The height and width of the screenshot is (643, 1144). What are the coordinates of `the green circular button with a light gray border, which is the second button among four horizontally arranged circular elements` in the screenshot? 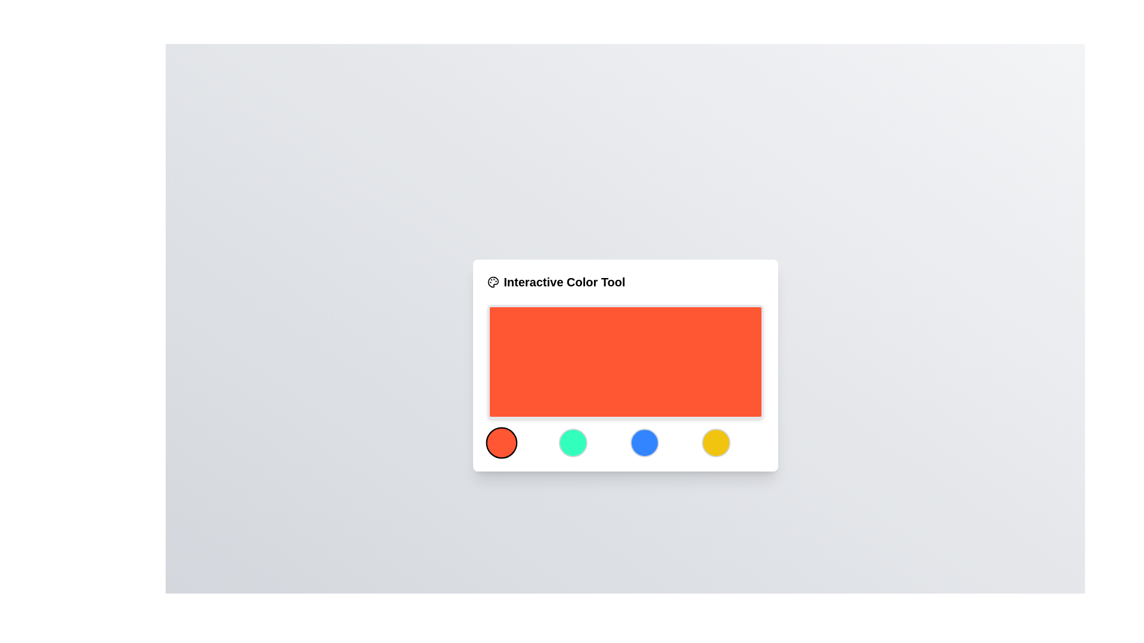 It's located at (573, 443).